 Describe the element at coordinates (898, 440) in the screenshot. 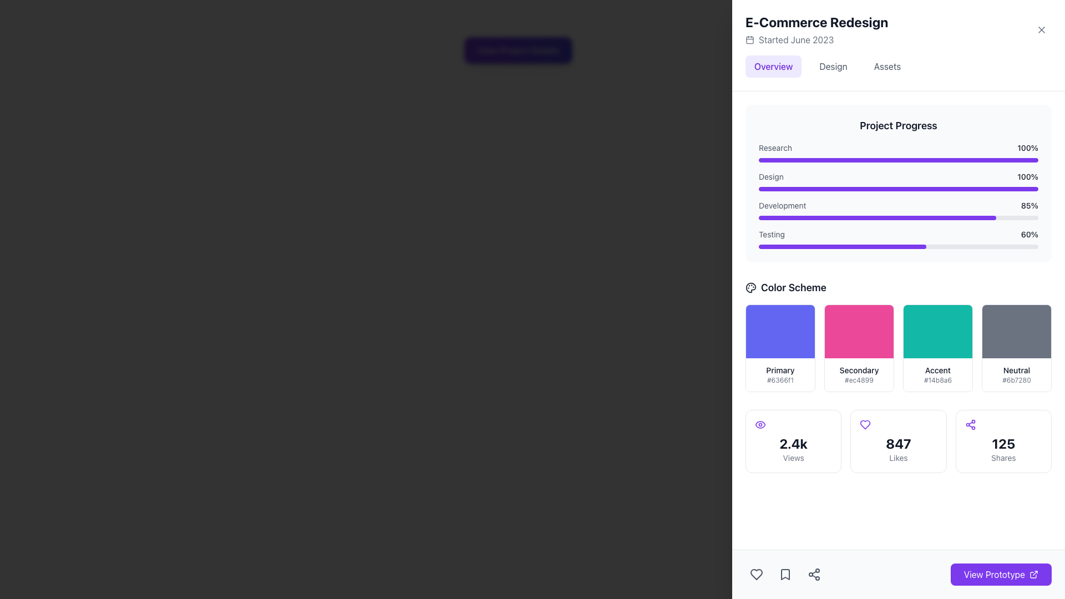

I see `the second informational card displaying '847 Likes', which features a purple heart icon at the top and is located below the 'Color Scheme' section` at that location.